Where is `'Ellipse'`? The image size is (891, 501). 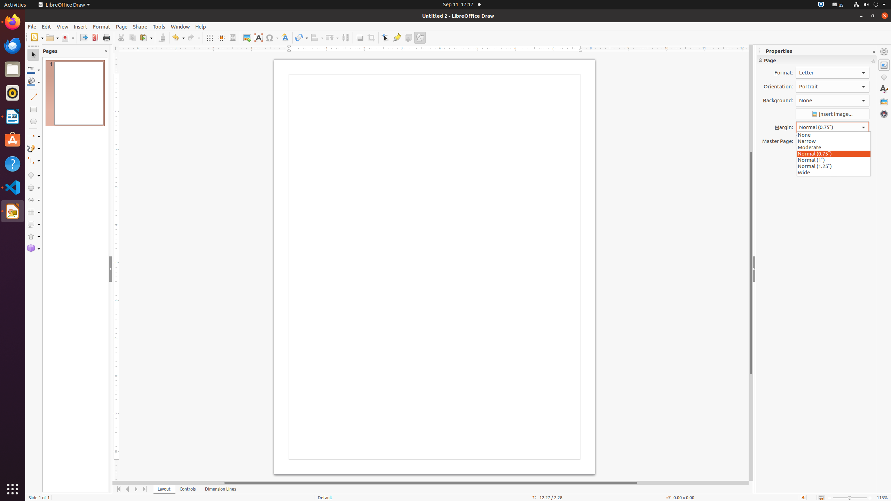
'Ellipse' is located at coordinates (33, 121).